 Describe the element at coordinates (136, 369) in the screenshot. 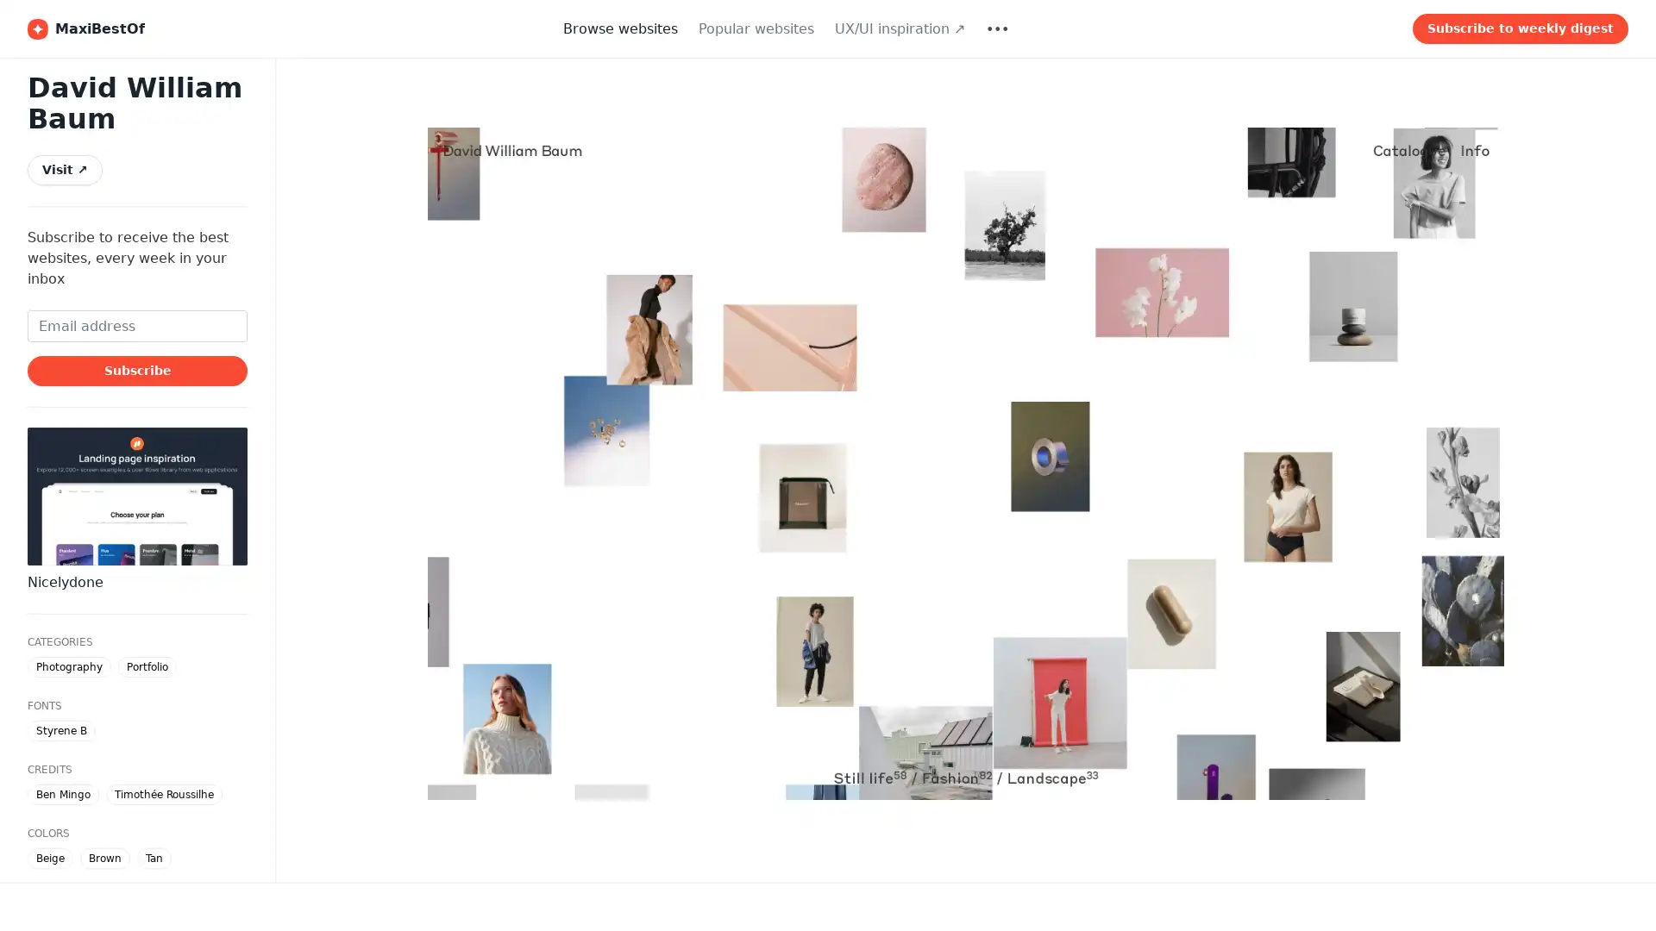

I see `Subscribe` at that location.